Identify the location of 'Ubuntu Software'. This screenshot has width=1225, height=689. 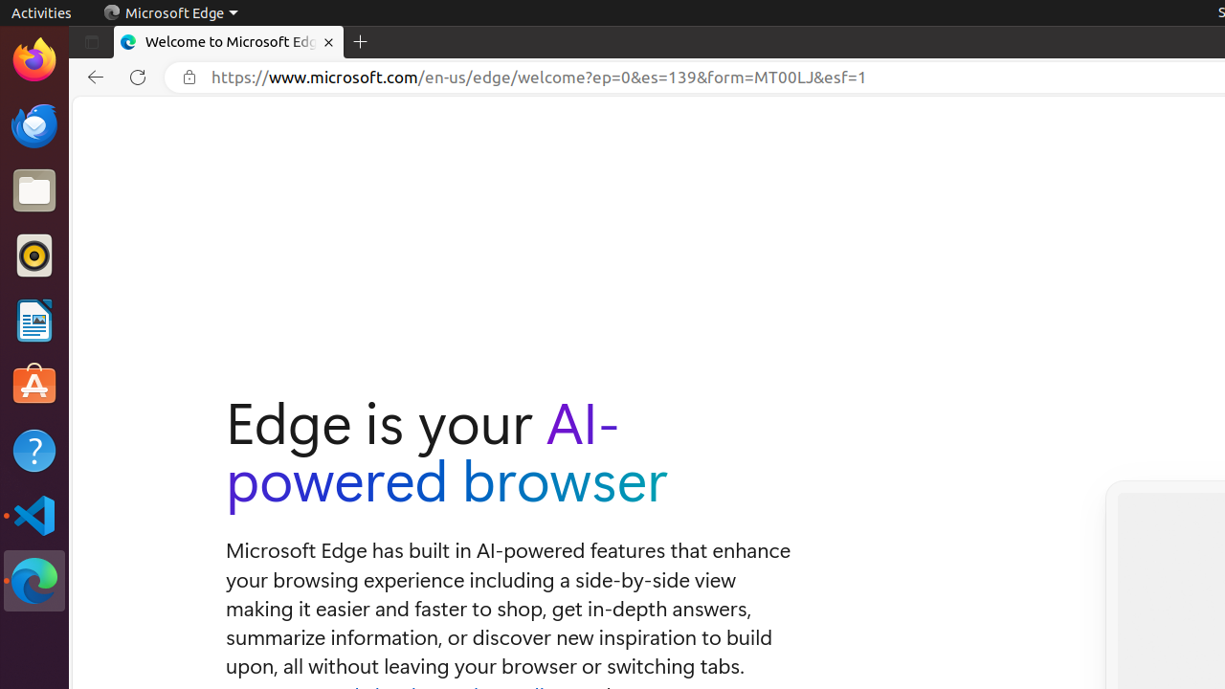
(33, 386).